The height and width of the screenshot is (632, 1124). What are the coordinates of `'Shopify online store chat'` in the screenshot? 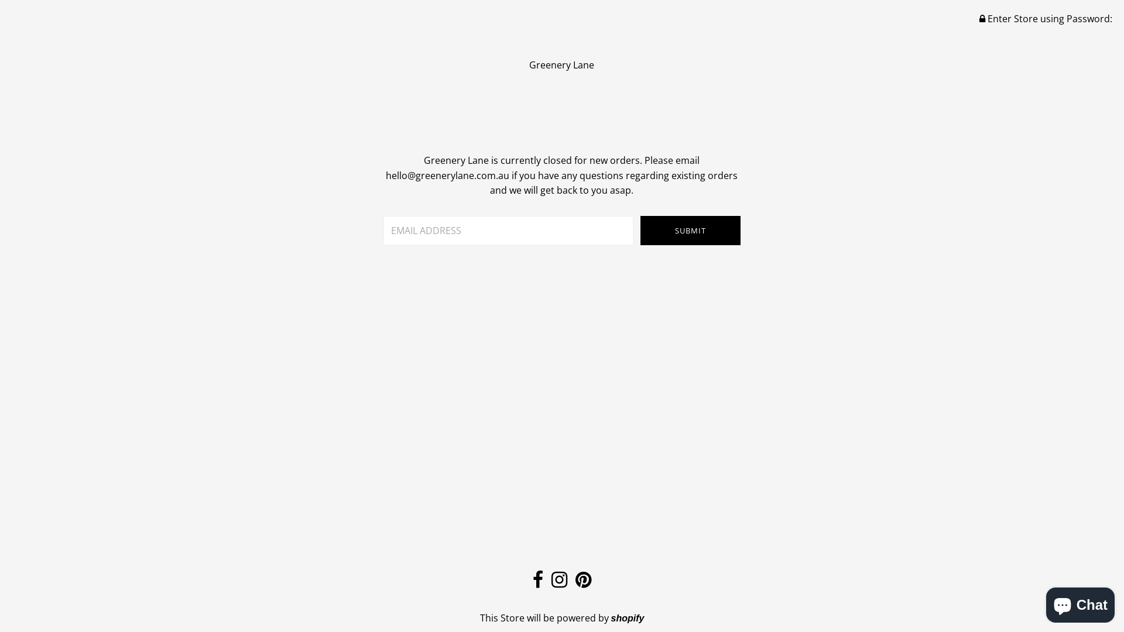 It's located at (1080, 602).